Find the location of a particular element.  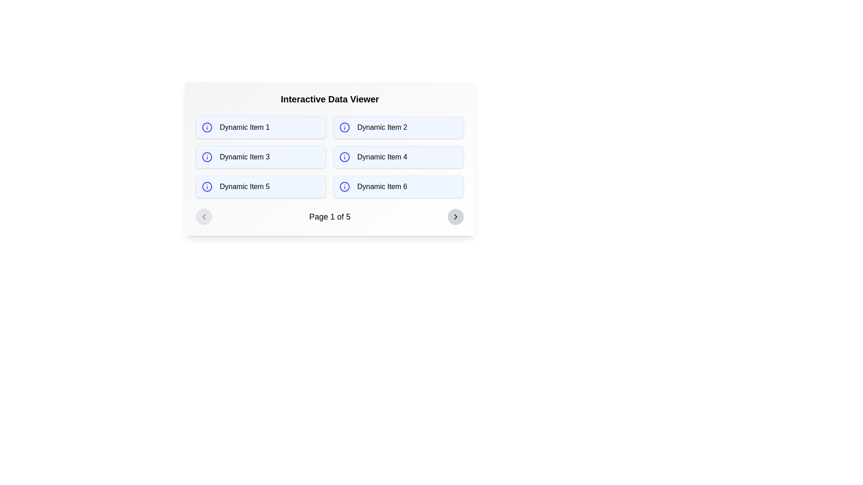

the navigational chevron icon located at the bottom-right corner of the interface, which indicates proceeding to the next page or item is located at coordinates (455, 216).